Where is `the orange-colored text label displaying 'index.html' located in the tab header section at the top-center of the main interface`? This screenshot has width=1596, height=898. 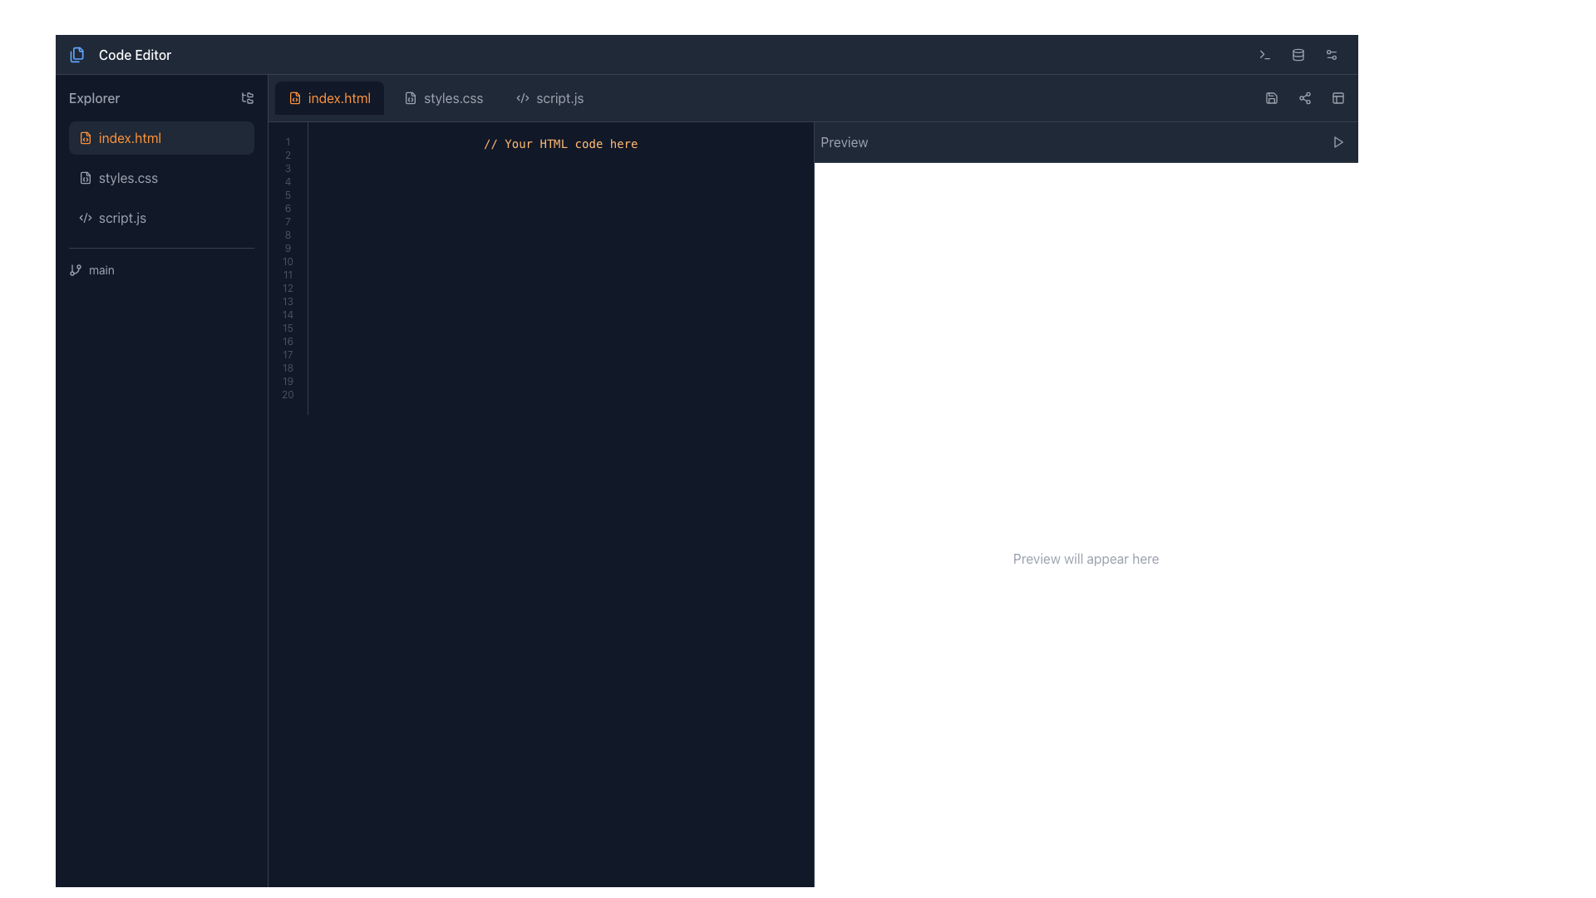
the orange-colored text label displaying 'index.html' located in the tab header section at the top-center of the main interface is located at coordinates (338, 98).